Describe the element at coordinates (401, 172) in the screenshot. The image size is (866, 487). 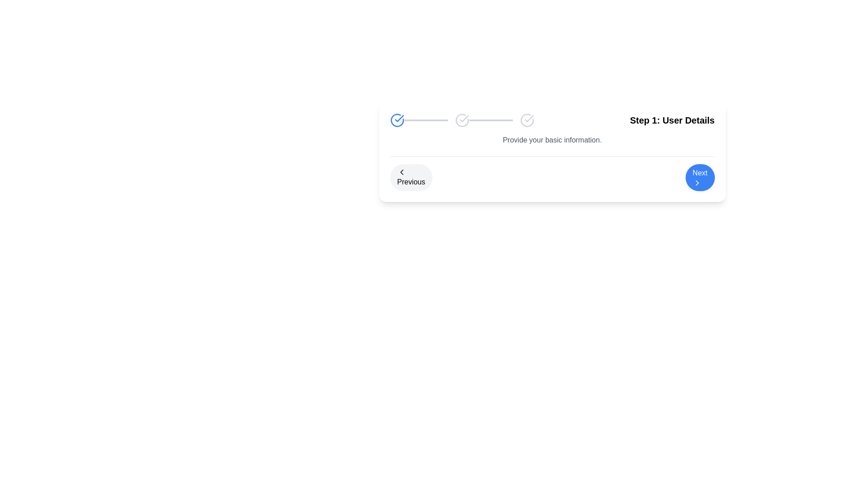
I see `the left-facing chevron icon within the 'Previous' button located at the lower left side of the content section` at that location.